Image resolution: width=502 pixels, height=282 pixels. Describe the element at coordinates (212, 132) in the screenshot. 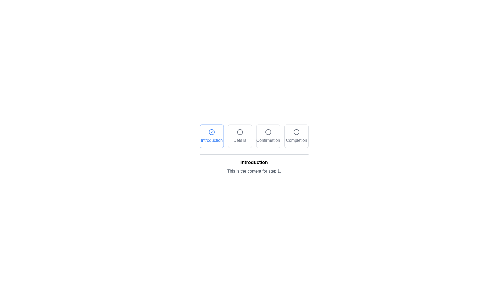

I see `the 'Introduction' button to interact with the progress step indicator for navigation` at that location.